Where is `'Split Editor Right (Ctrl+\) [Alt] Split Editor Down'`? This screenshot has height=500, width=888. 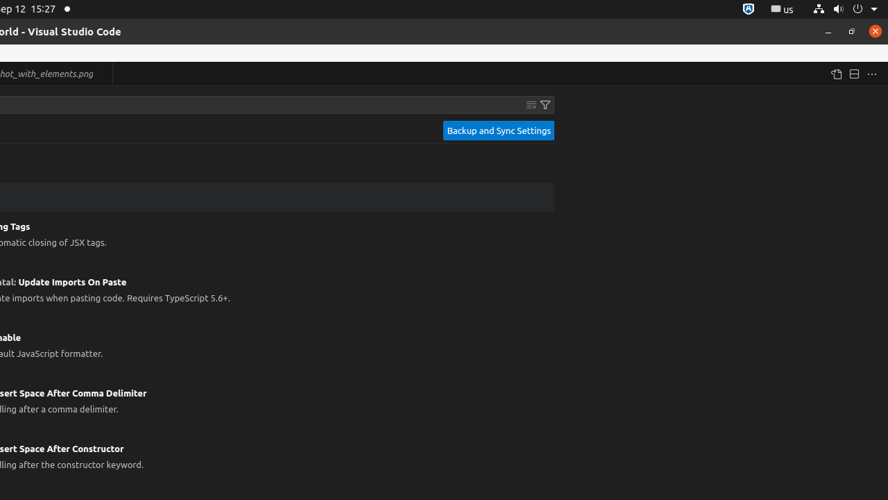
'Split Editor Right (Ctrl+\) [Alt] Split Editor Down' is located at coordinates (853, 74).